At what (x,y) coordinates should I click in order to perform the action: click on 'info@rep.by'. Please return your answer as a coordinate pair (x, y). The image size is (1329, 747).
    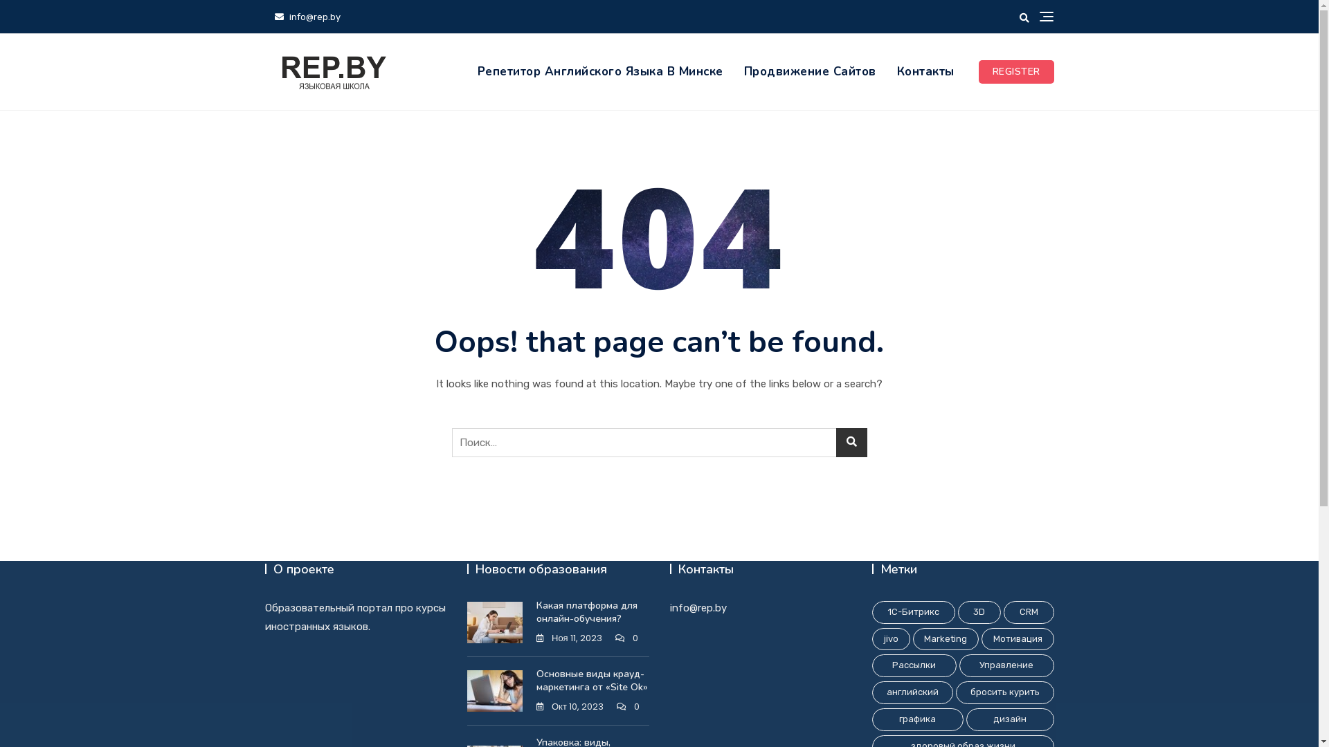
    Looking at the image, I should click on (306, 17).